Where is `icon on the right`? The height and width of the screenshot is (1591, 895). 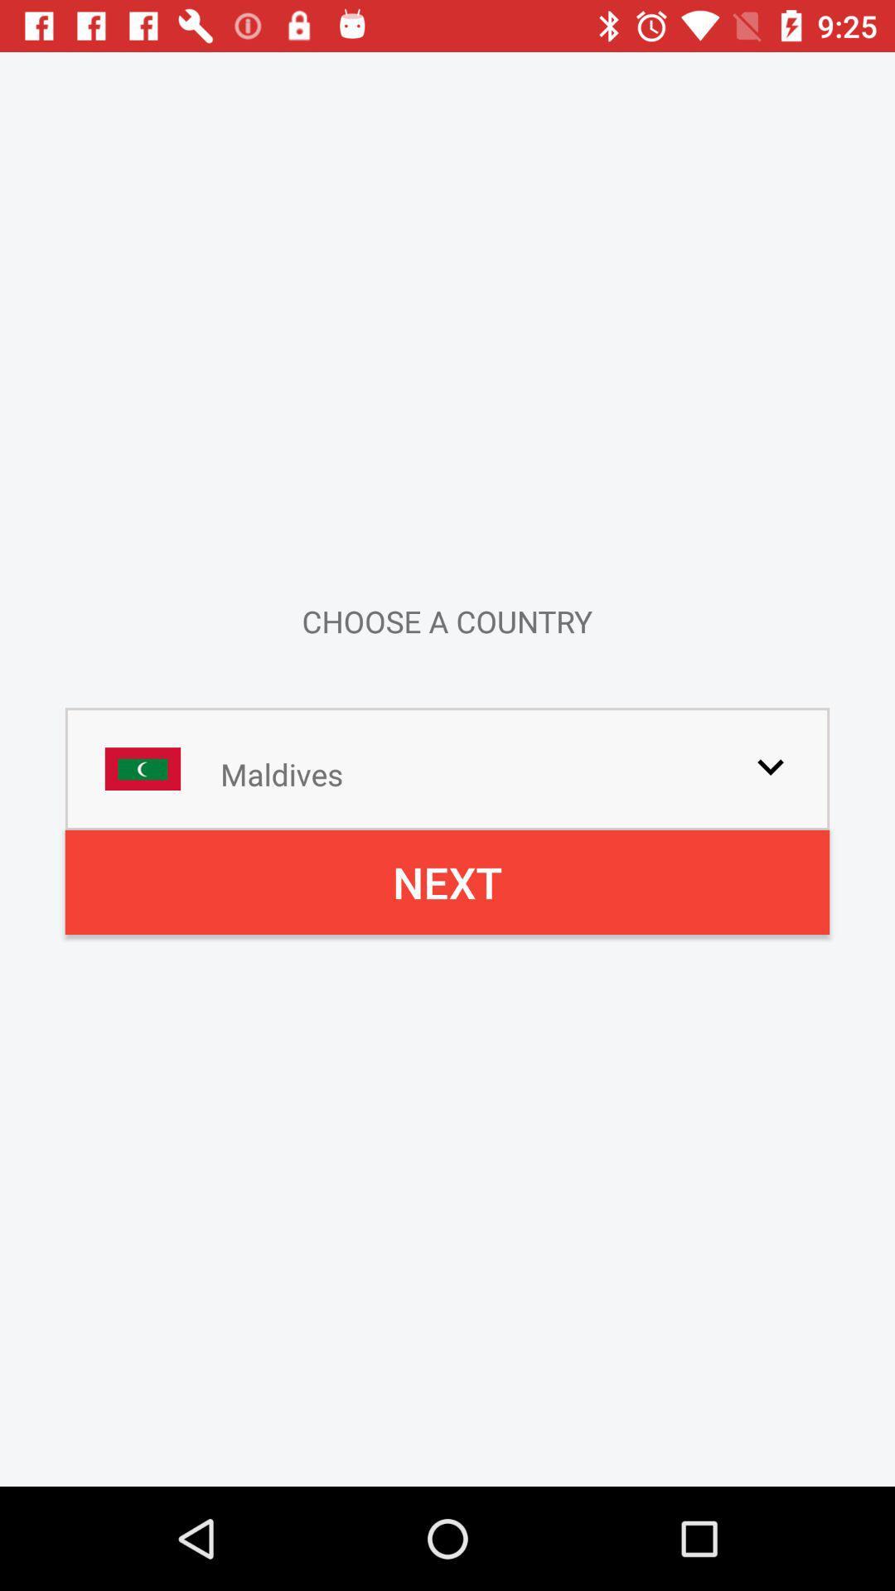 icon on the right is located at coordinates (770, 766).